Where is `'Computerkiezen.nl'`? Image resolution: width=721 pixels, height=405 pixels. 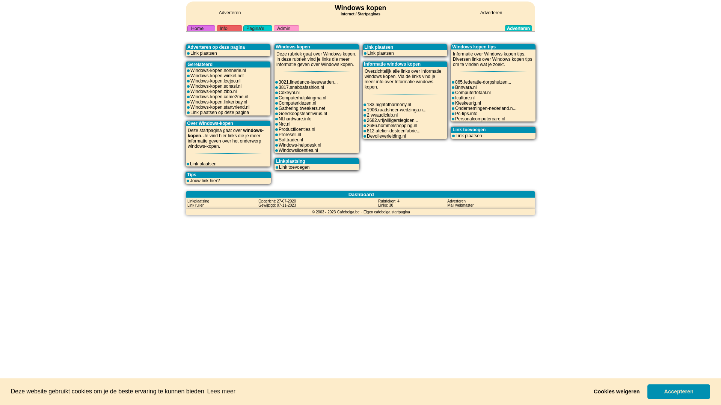 'Computerkiezen.nl' is located at coordinates (297, 103).